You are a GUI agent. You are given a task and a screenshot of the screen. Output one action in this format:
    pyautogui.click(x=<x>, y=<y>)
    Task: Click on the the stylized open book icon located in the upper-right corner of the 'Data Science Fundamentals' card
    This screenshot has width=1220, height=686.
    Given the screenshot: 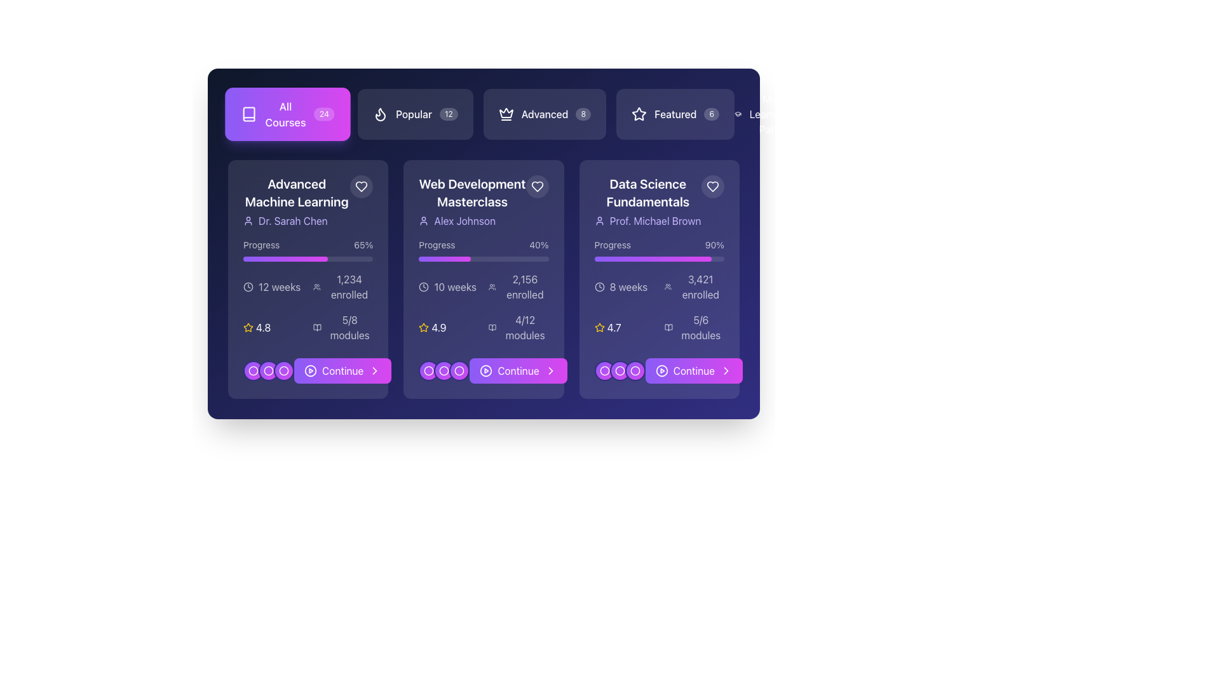 What is the action you would take?
    pyautogui.click(x=668, y=327)
    